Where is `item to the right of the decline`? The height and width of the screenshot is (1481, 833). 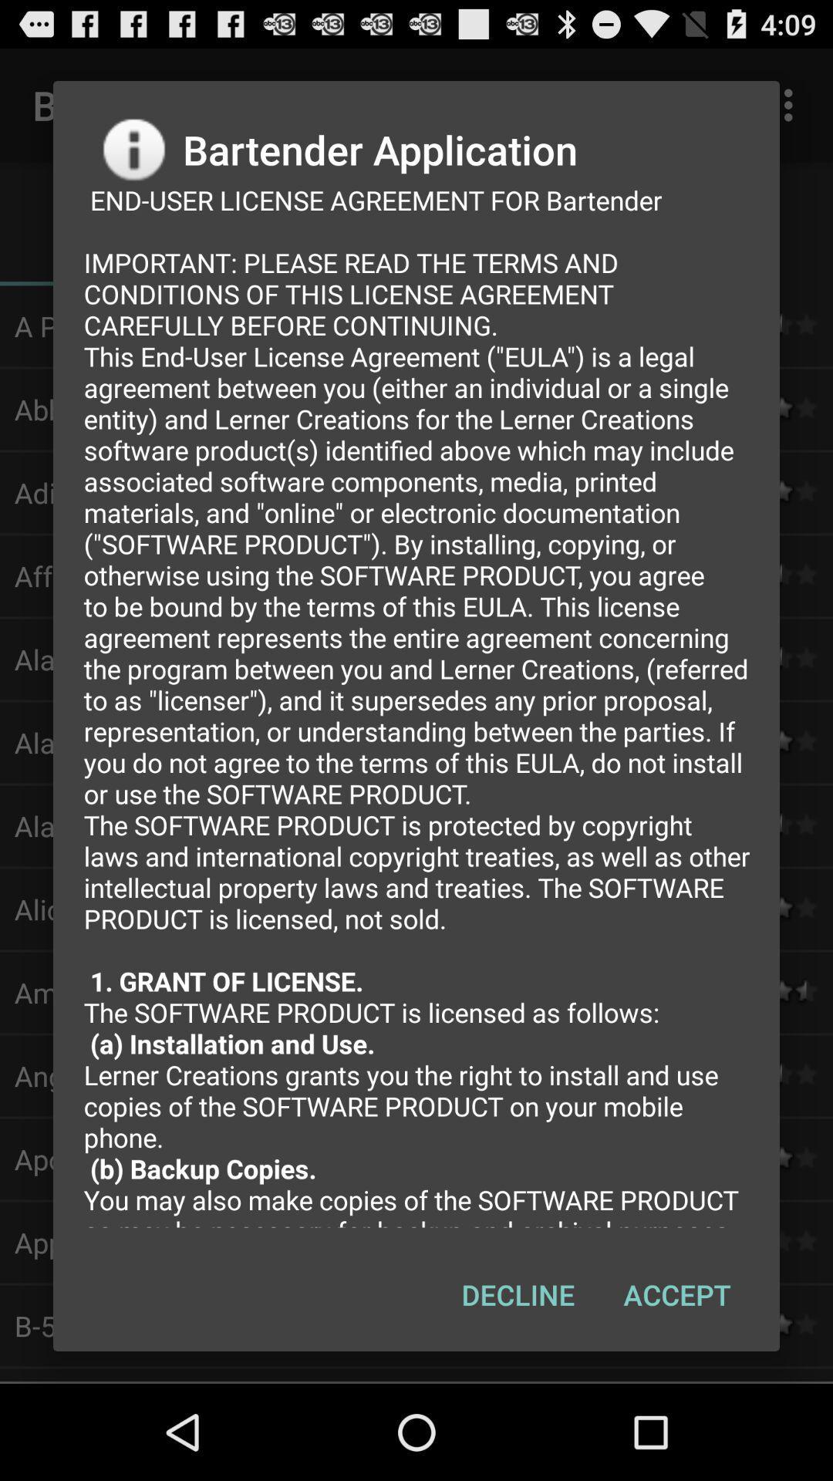
item to the right of the decline is located at coordinates (676, 1294).